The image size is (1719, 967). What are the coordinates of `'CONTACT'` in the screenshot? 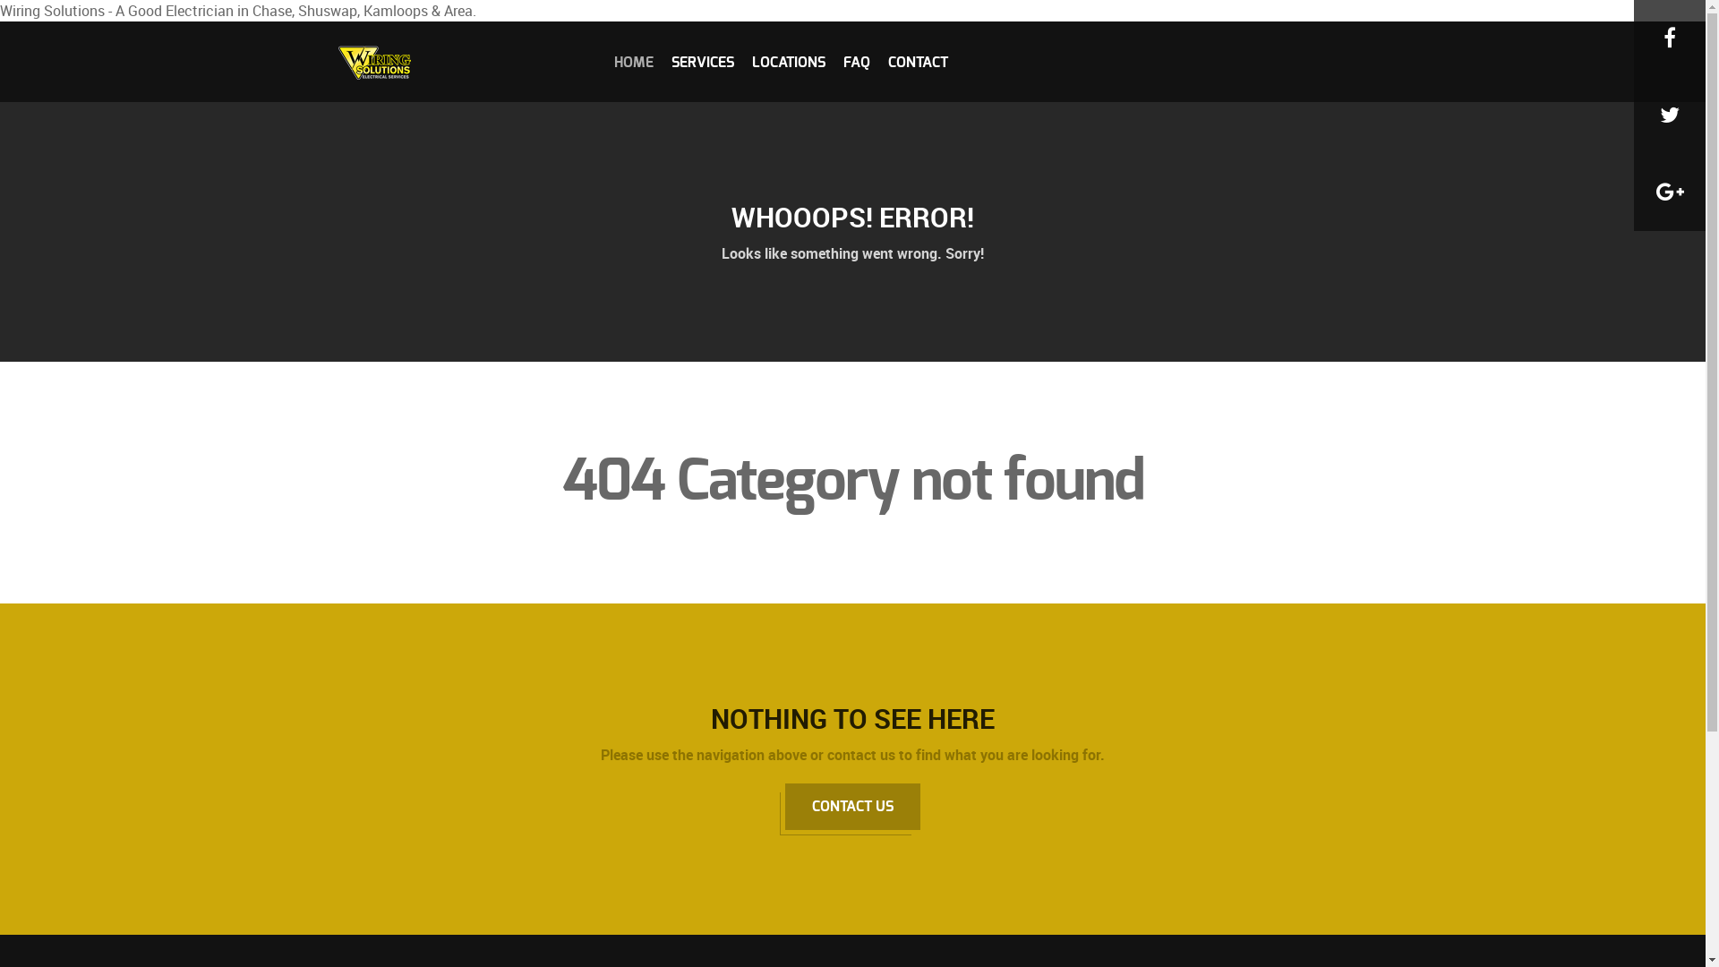 It's located at (918, 61).